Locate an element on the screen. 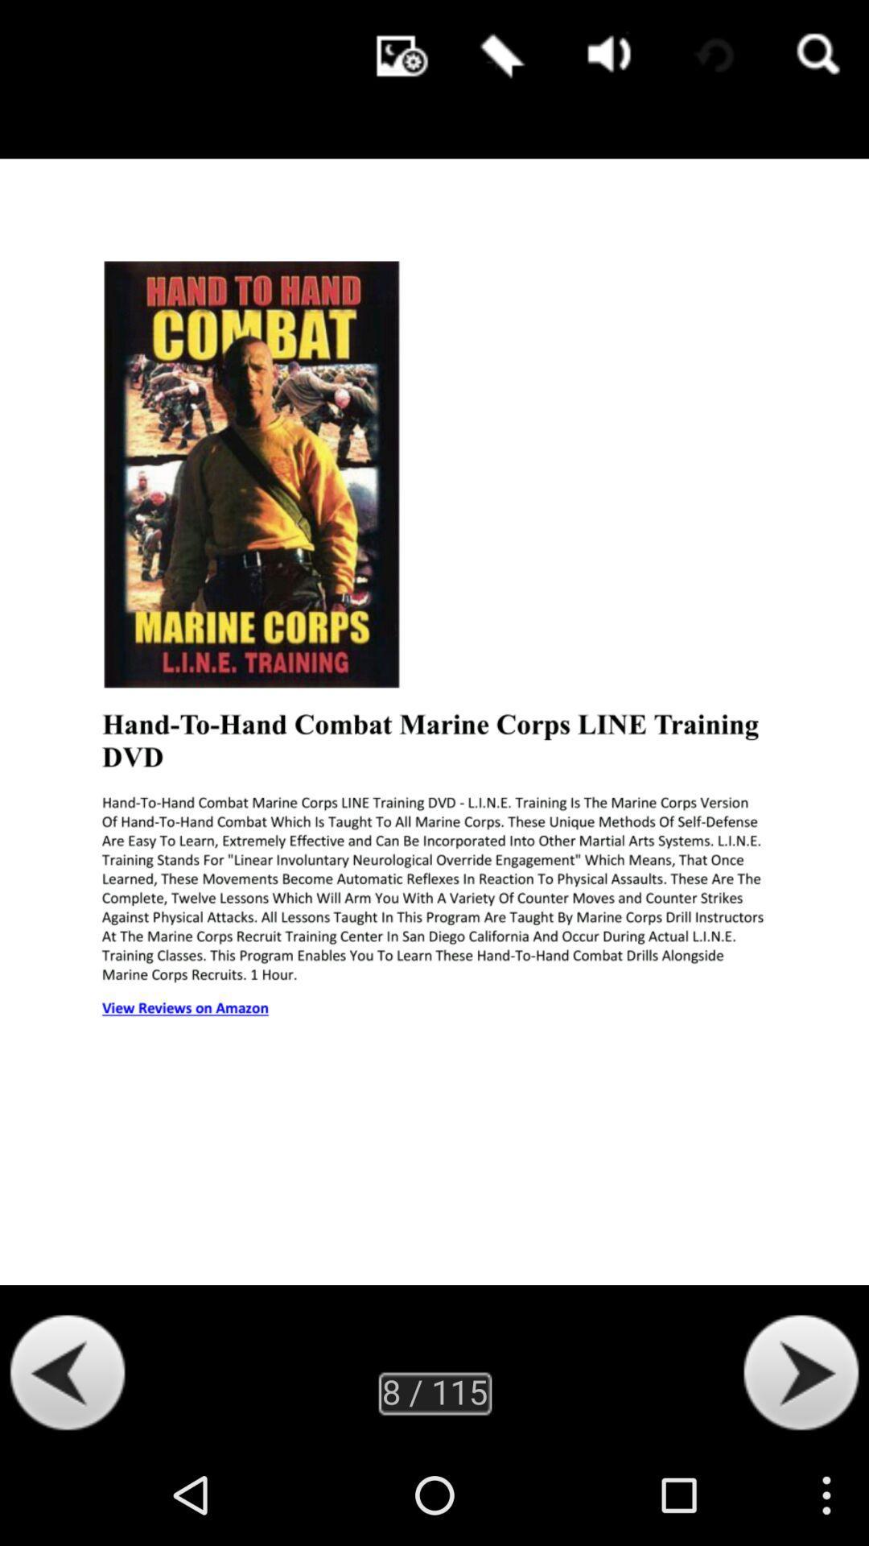  the bookmark icon is located at coordinates (498, 56).